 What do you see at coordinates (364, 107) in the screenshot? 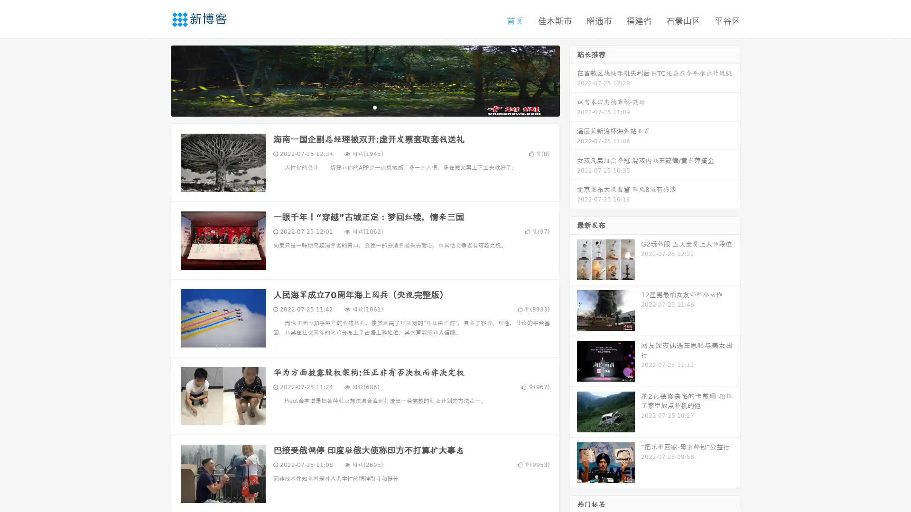
I see `Go to slide 2` at bounding box center [364, 107].